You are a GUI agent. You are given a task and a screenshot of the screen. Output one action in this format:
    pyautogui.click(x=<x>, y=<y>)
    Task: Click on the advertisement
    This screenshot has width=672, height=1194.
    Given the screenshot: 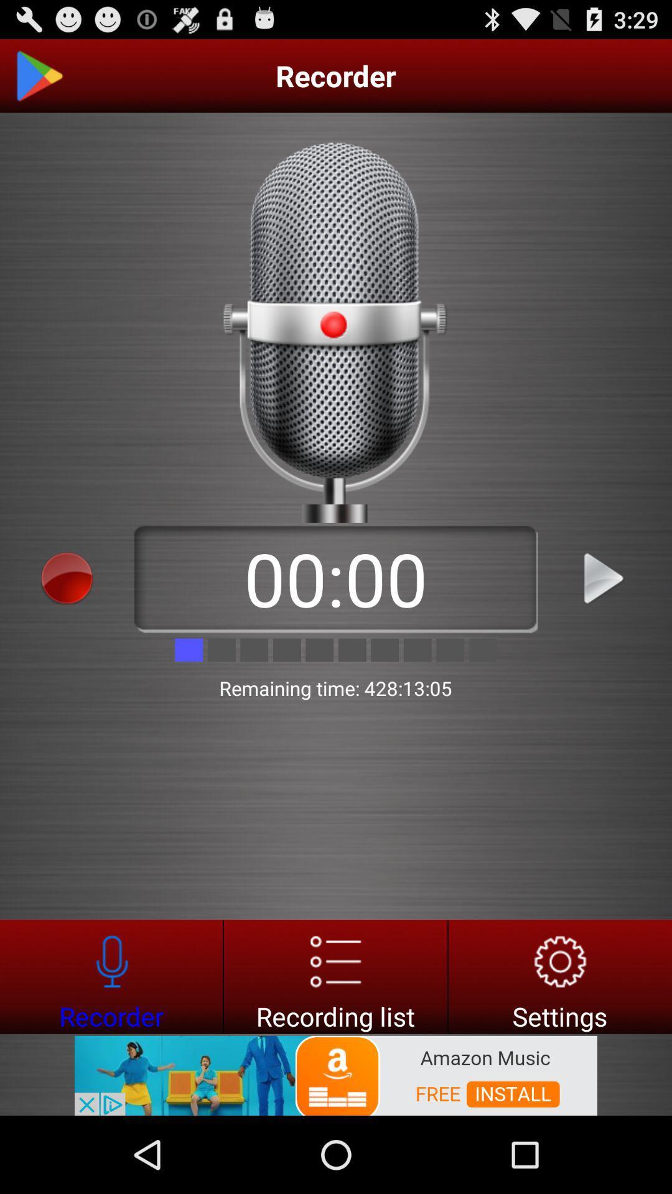 What is the action you would take?
    pyautogui.click(x=336, y=1074)
    